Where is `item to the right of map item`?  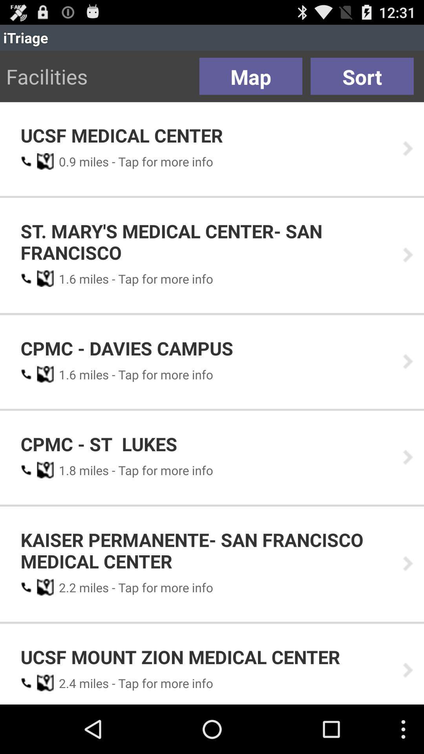
item to the right of map item is located at coordinates (362, 76).